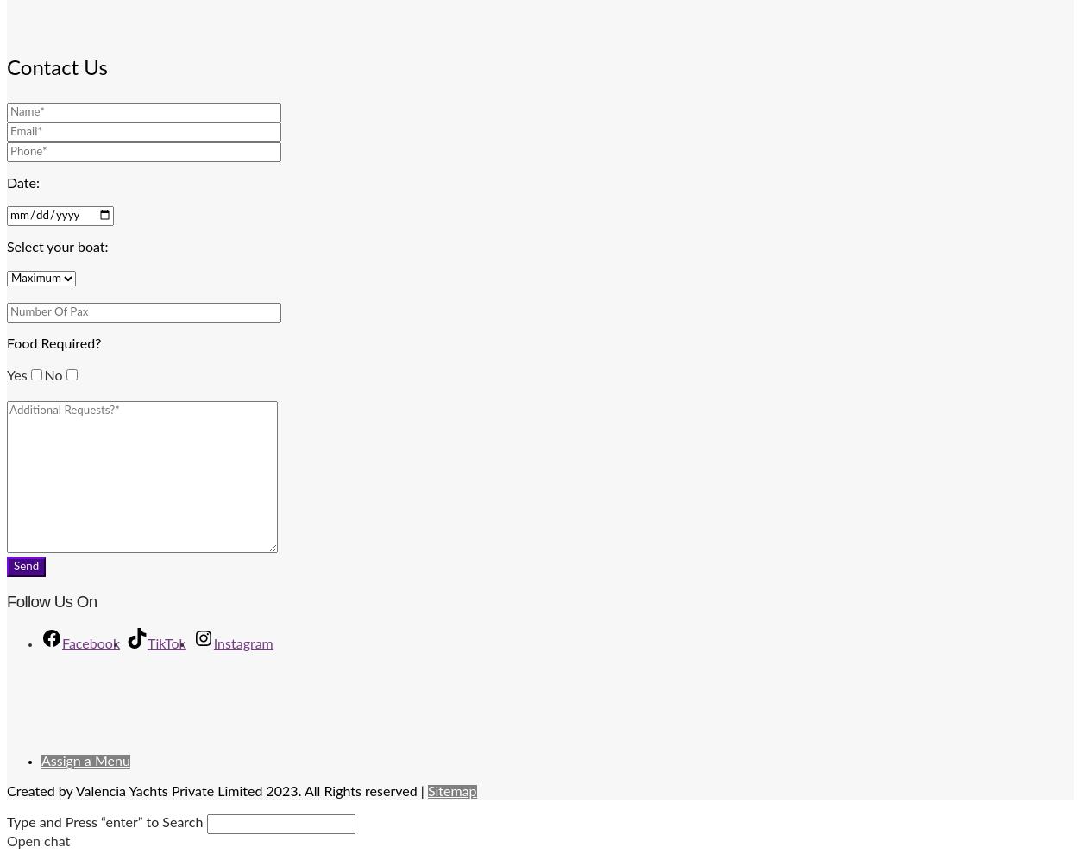 The width and height of the screenshot is (1081, 866). Describe the element at coordinates (7, 342) in the screenshot. I see `'Food Required?'` at that location.